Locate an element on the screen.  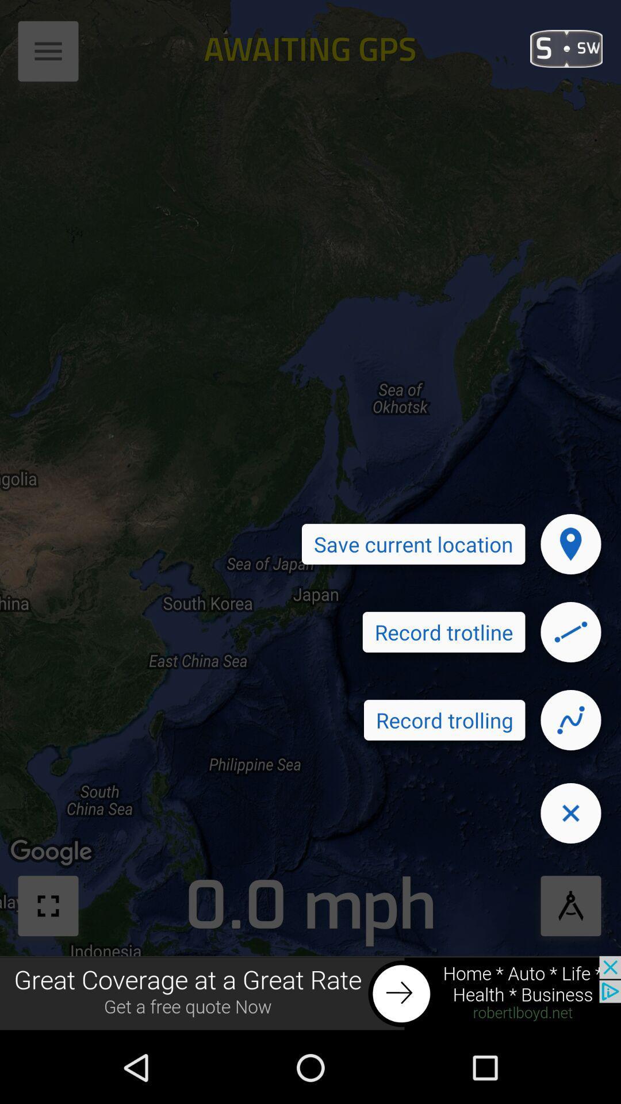
the menu icon is located at coordinates (48, 55).